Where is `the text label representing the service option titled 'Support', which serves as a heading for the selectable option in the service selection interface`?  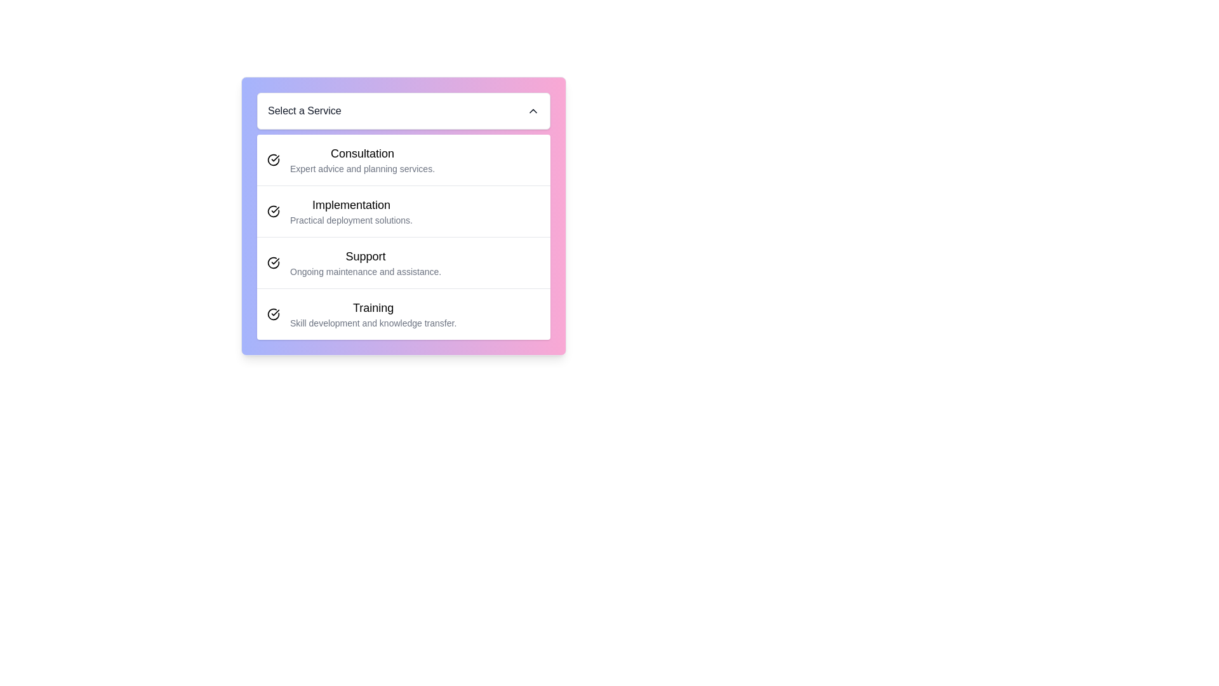 the text label representing the service option titled 'Support', which serves as a heading for the selectable option in the service selection interface is located at coordinates (365, 257).